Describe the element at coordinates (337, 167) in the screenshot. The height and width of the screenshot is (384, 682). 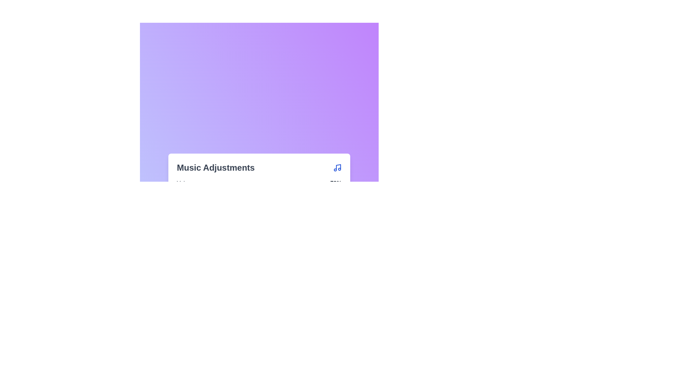
I see `the 'Music' icon to trigger its functionality` at that location.